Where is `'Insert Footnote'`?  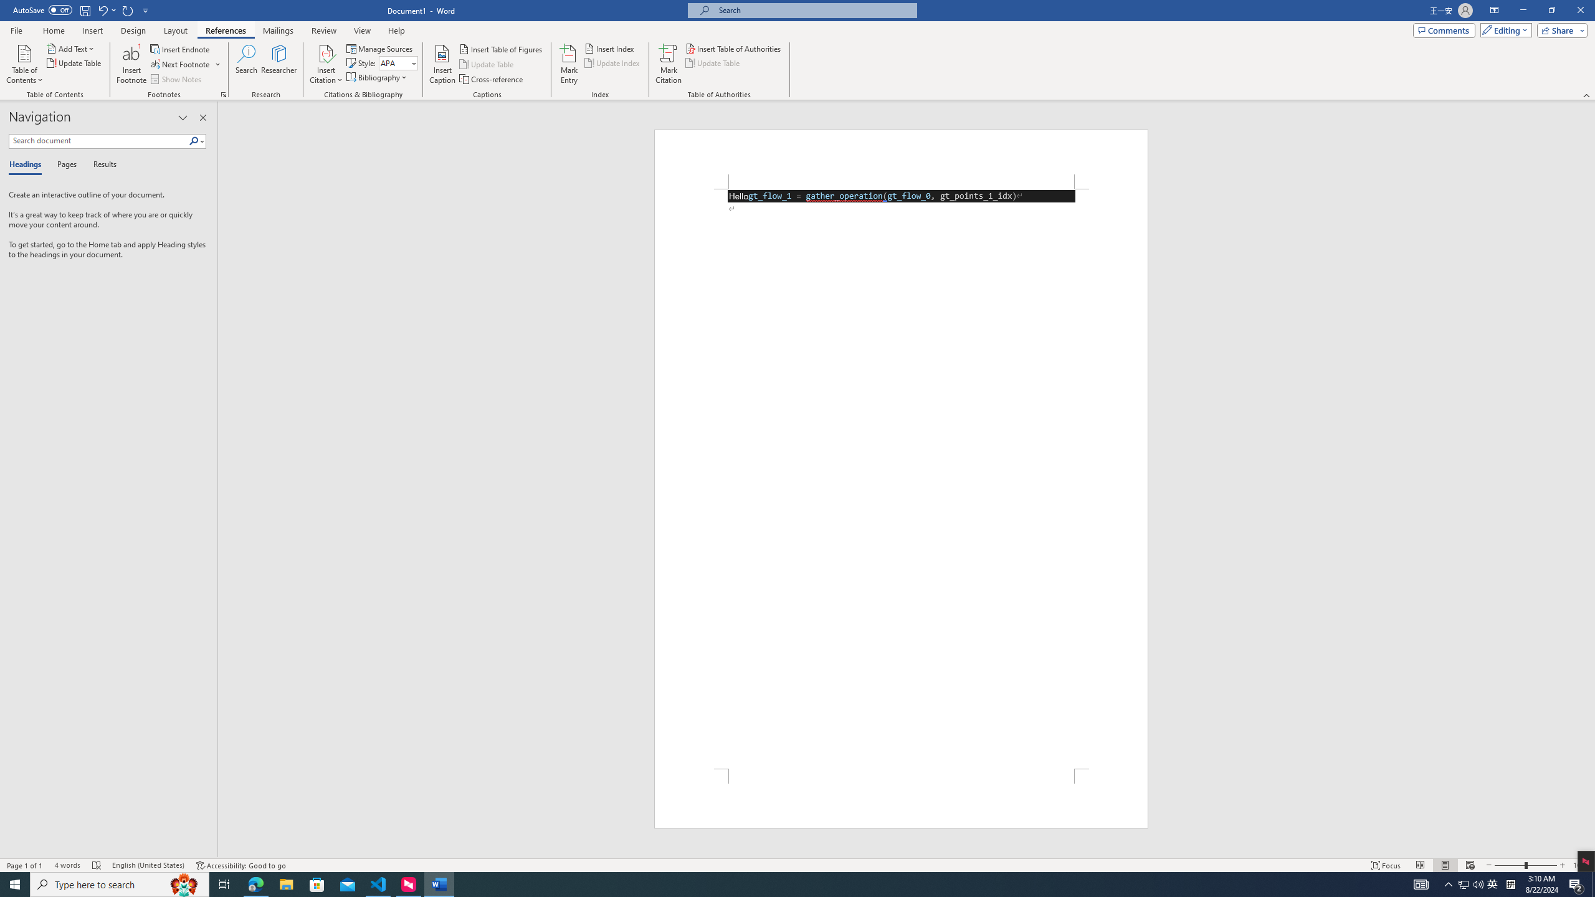 'Insert Footnote' is located at coordinates (131, 64).